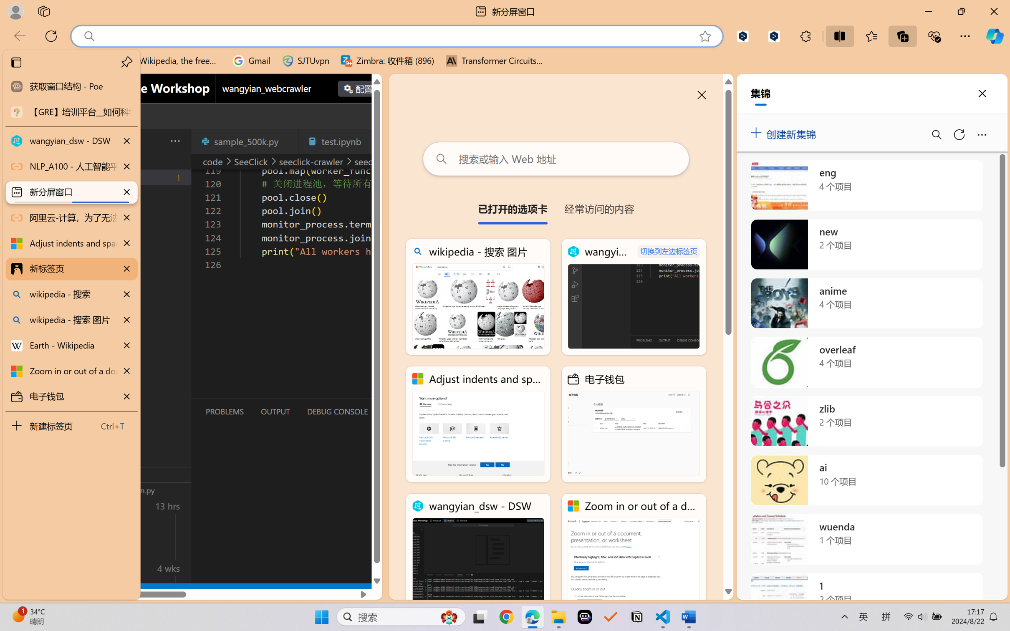  Describe the element at coordinates (71, 243) in the screenshot. I see `'Adjust indents and spacing - Microsoft Support'` at that location.